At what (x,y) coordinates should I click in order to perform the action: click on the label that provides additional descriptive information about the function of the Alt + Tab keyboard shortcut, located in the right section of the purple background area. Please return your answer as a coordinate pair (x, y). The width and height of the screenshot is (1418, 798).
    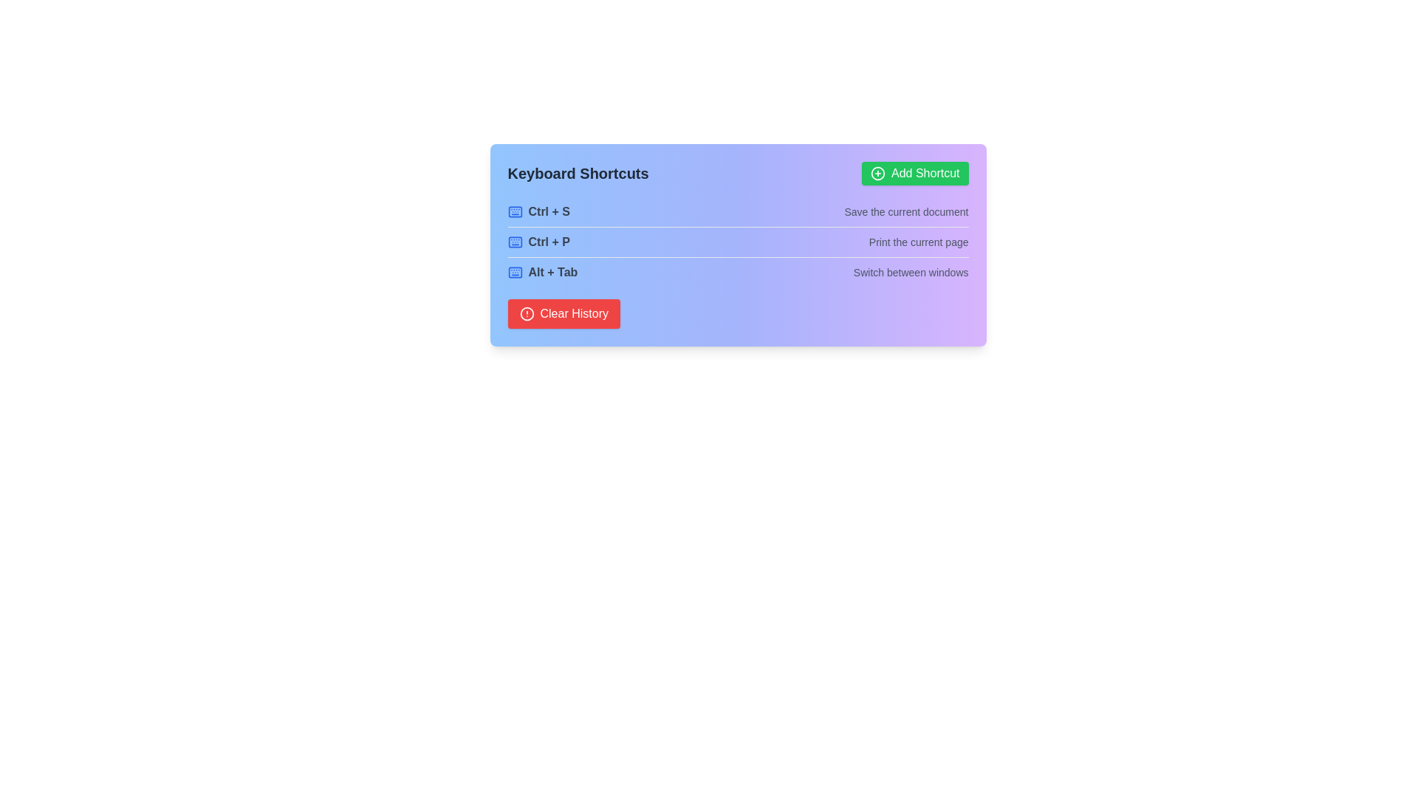
    Looking at the image, I should click on (910, 273).